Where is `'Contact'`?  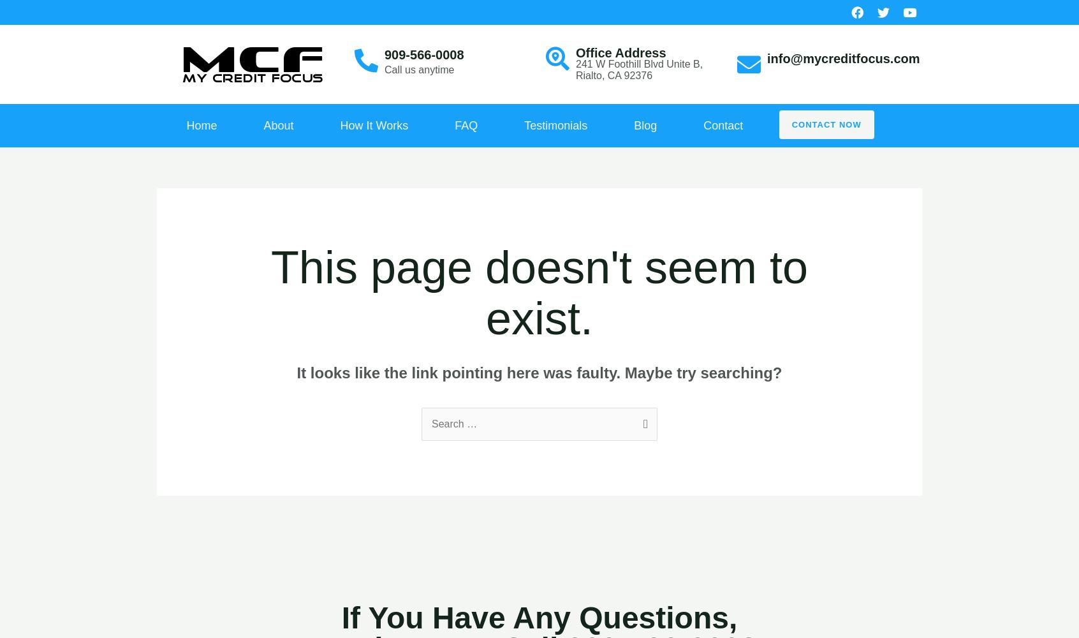 'Contact' is located at coordinates (722, 125).